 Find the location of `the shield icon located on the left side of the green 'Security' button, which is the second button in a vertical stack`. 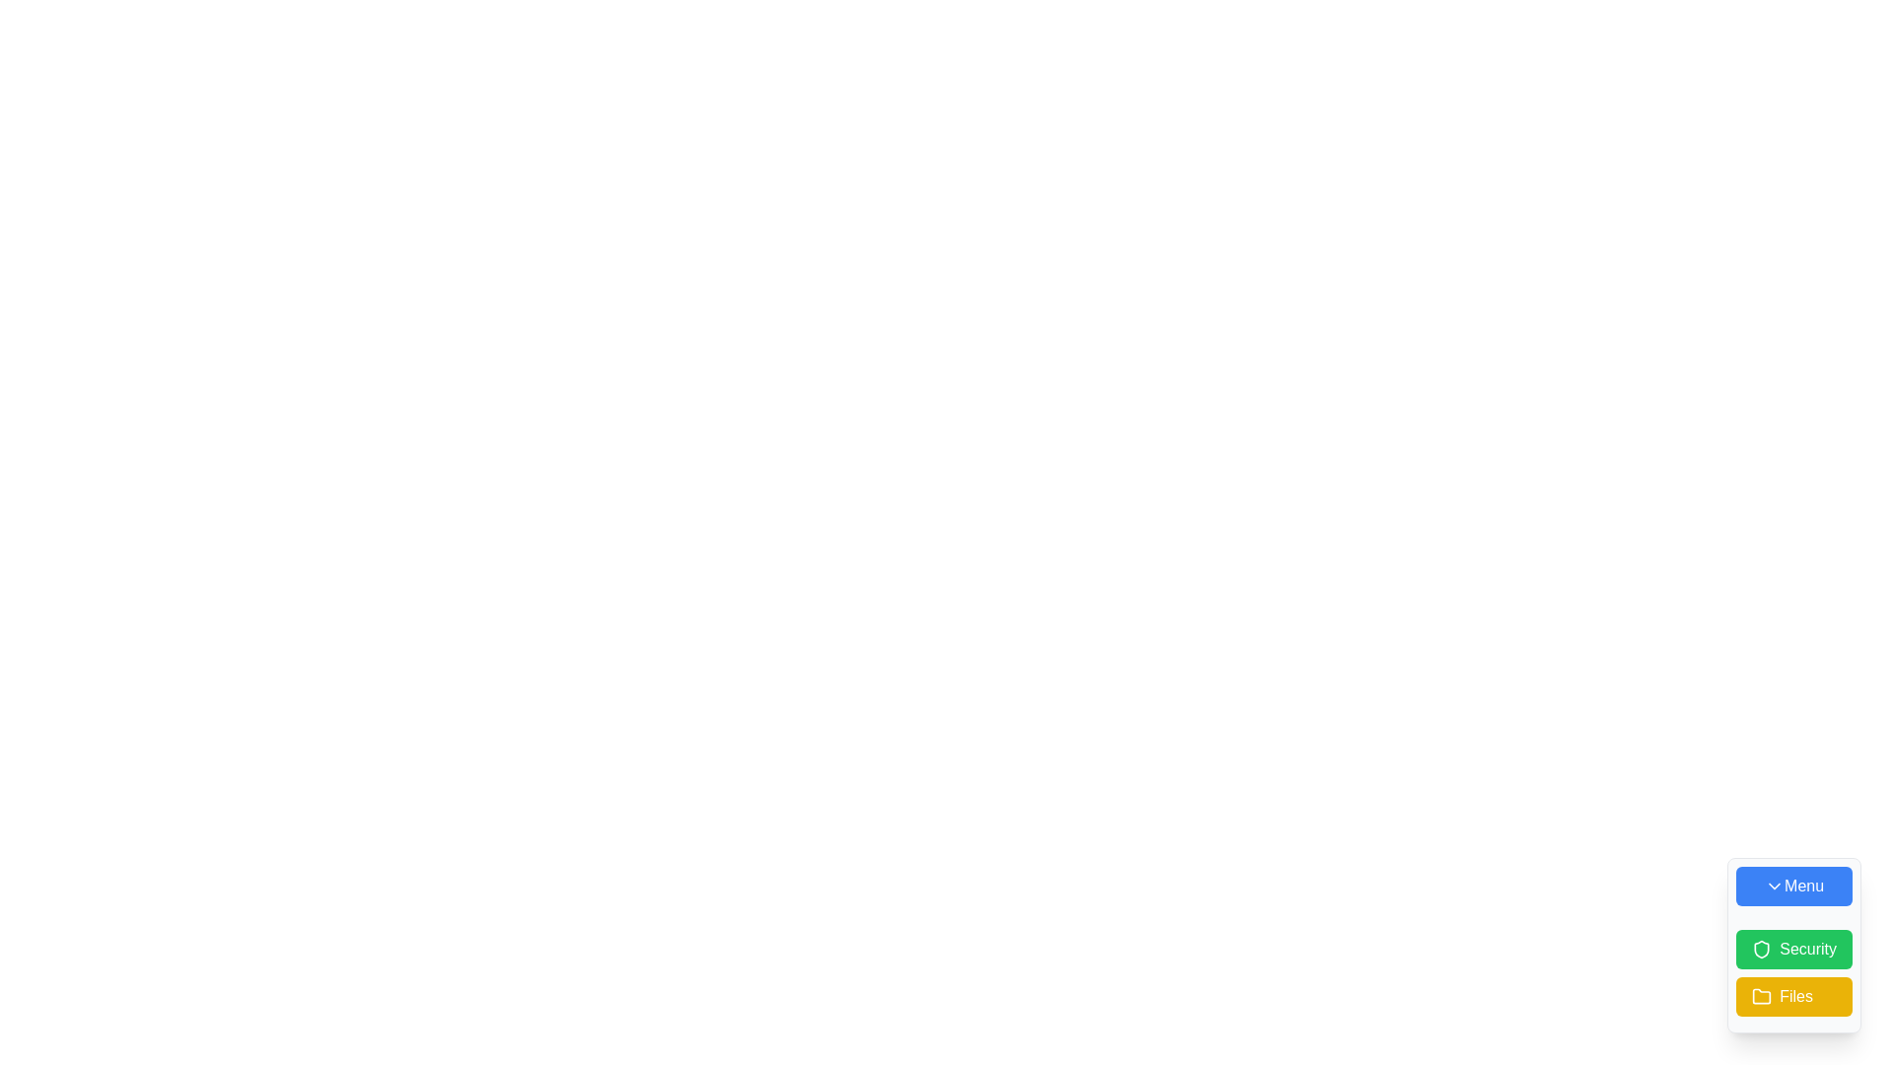

the shield icon located on the left side of the green 'Security' button, which is the second button in a vertical stack is located at coordinates (1762, 949).